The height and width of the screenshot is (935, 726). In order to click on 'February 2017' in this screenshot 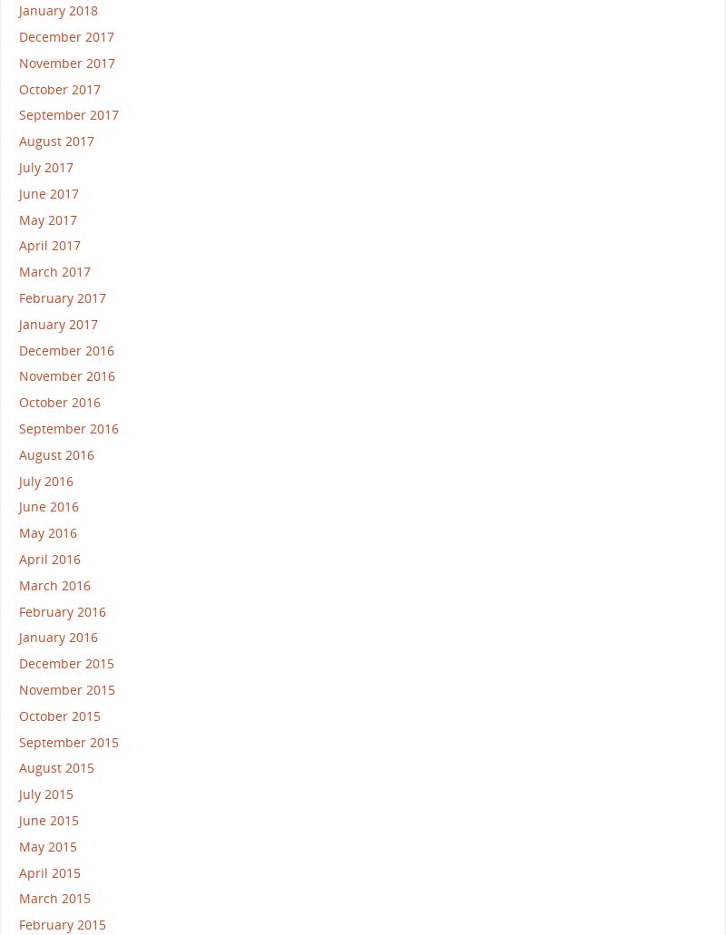, I will do `click(62, 297)`.